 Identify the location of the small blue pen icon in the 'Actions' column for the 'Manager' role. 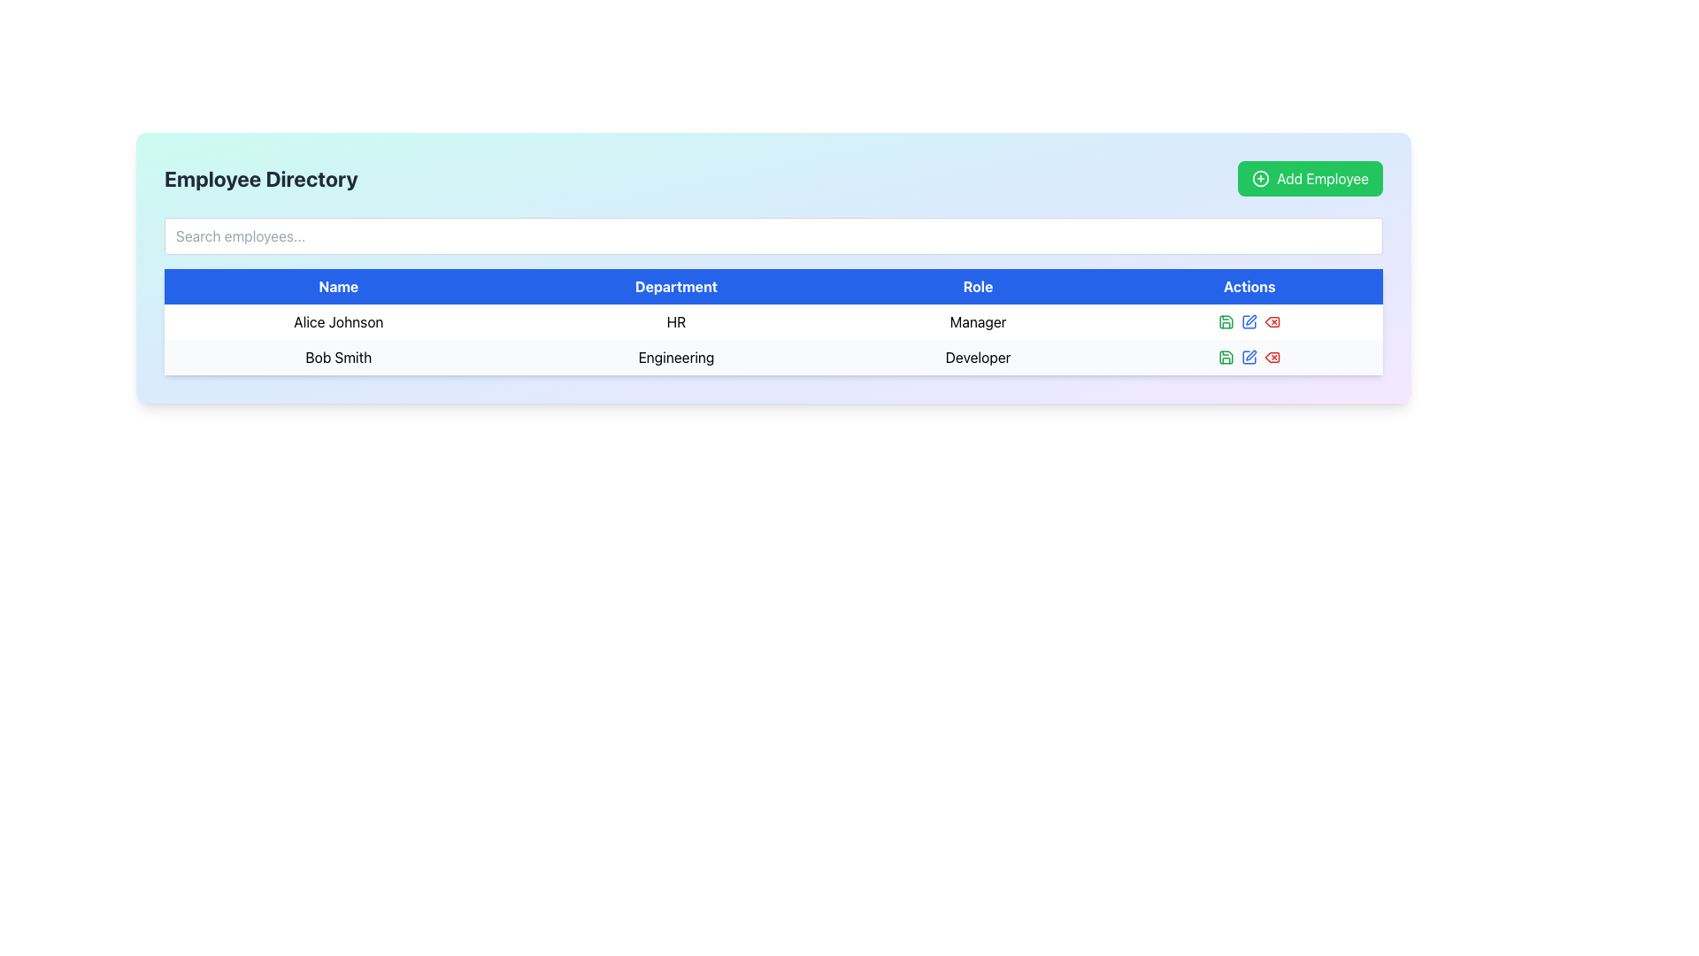
(1249, 321).